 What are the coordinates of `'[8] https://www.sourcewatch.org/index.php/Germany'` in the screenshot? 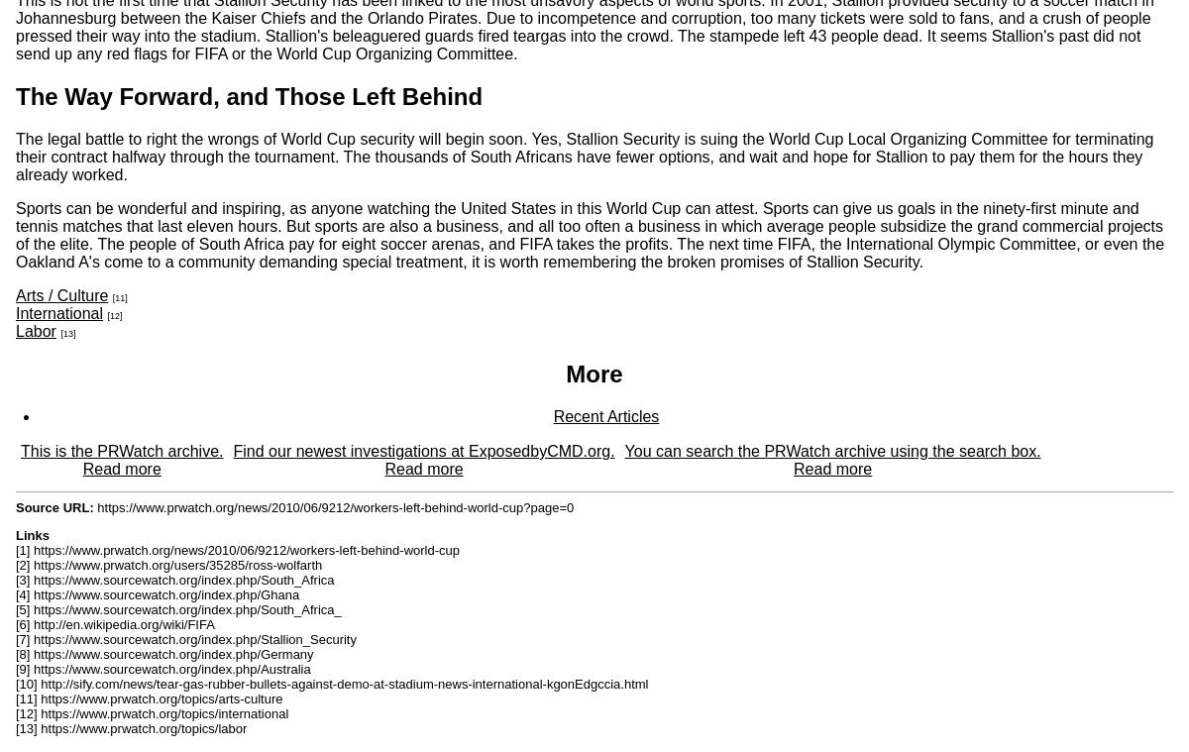 It's located at (15, 654).